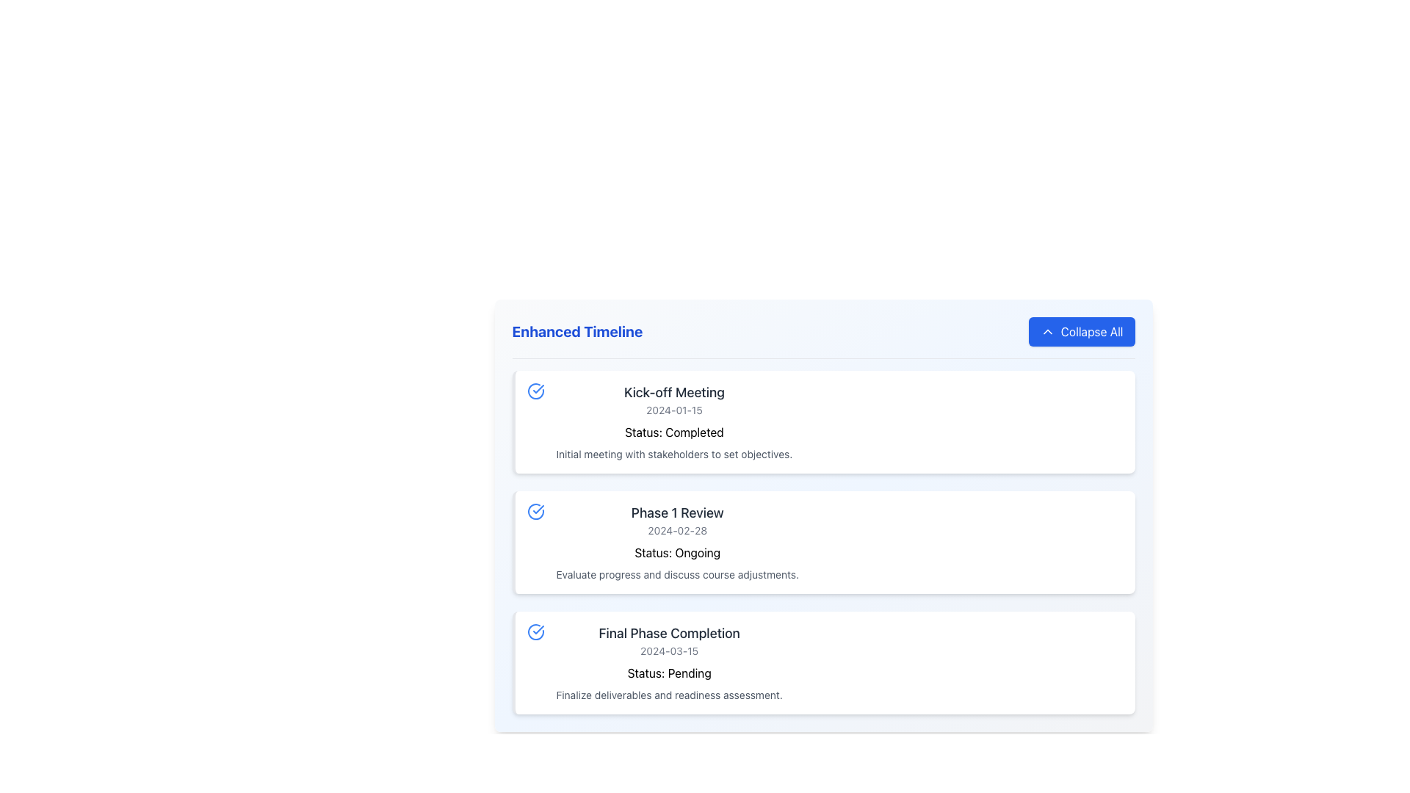 The image size is (1410, 793). I want to click on the checkmark portion of the circle-check icon representing the ongoing status of the 'Phase 1 Review' section in the timeline interface, so click(538, 388).